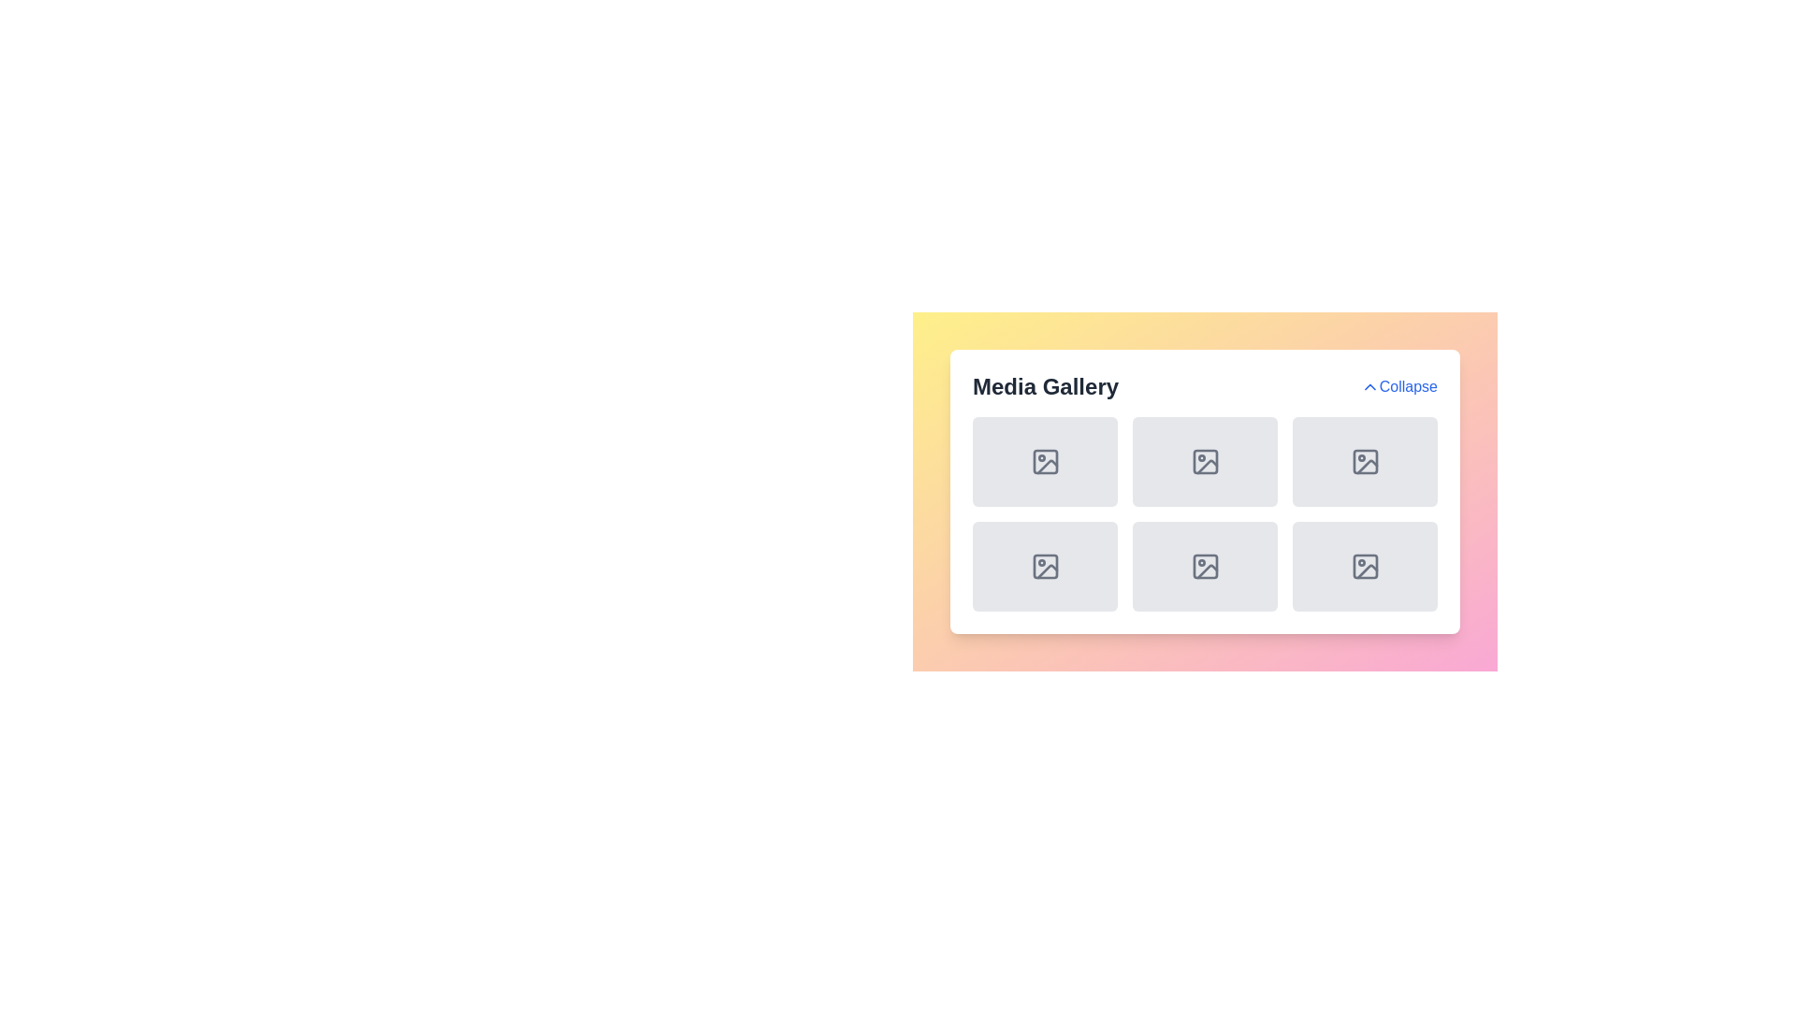 This screenshot has width=1796, height=1010. What do you see at coordinates (1205, 565) in the screenshot?
I see `the placeholder card in the Media Gallery, which is the sixth and bottom-right-most card in a 3x2 grid layout` at bounding box center [1205, 565].